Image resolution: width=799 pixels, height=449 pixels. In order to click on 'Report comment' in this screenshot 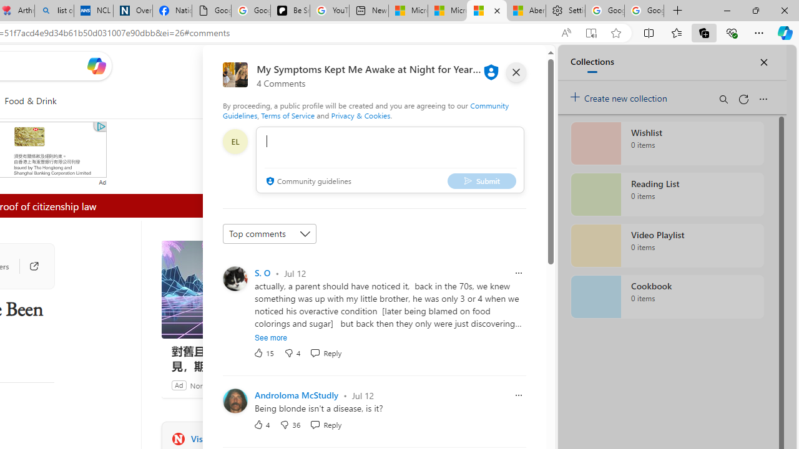, I will do `click(519, 395)`.